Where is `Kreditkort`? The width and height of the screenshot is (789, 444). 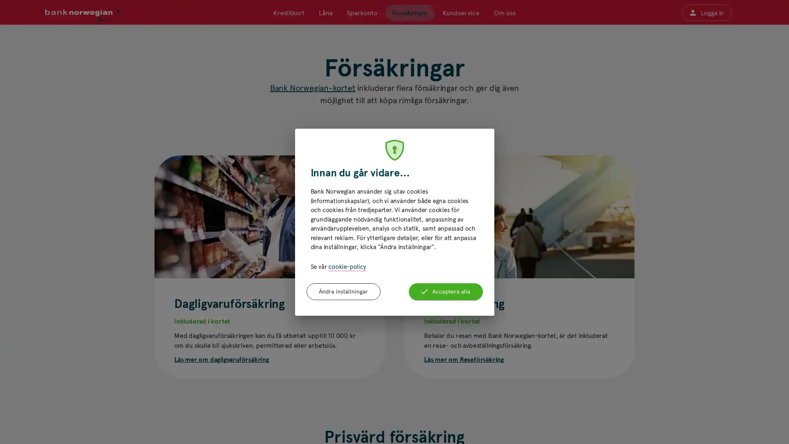
Kreditkort is located at coordinates (288, 12).